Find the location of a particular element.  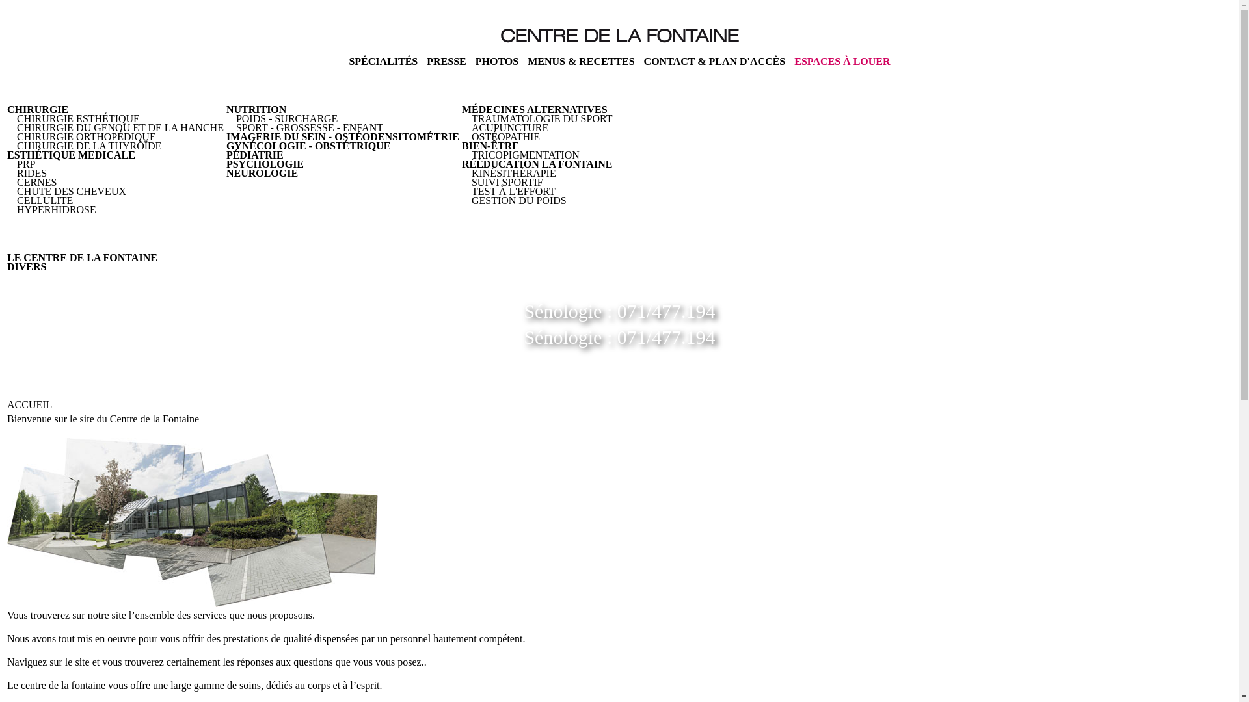

'HYPERHIDROSE' is located at coordinates (55, 209).